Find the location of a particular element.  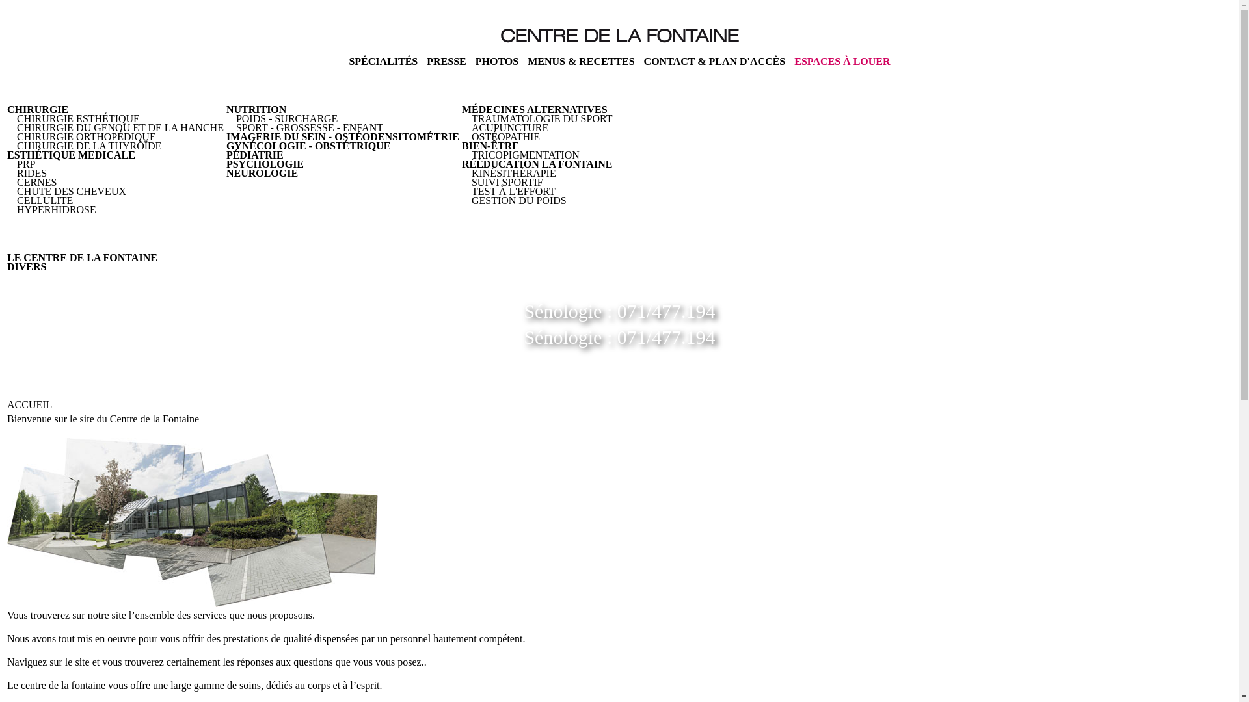

'HYPERHIDROSE' is located at coordinates (55, 209).